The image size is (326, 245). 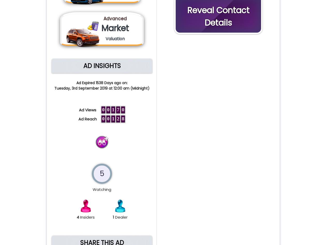 I want to click on 'AD INSIGHTS', so click(x=102, y=66).